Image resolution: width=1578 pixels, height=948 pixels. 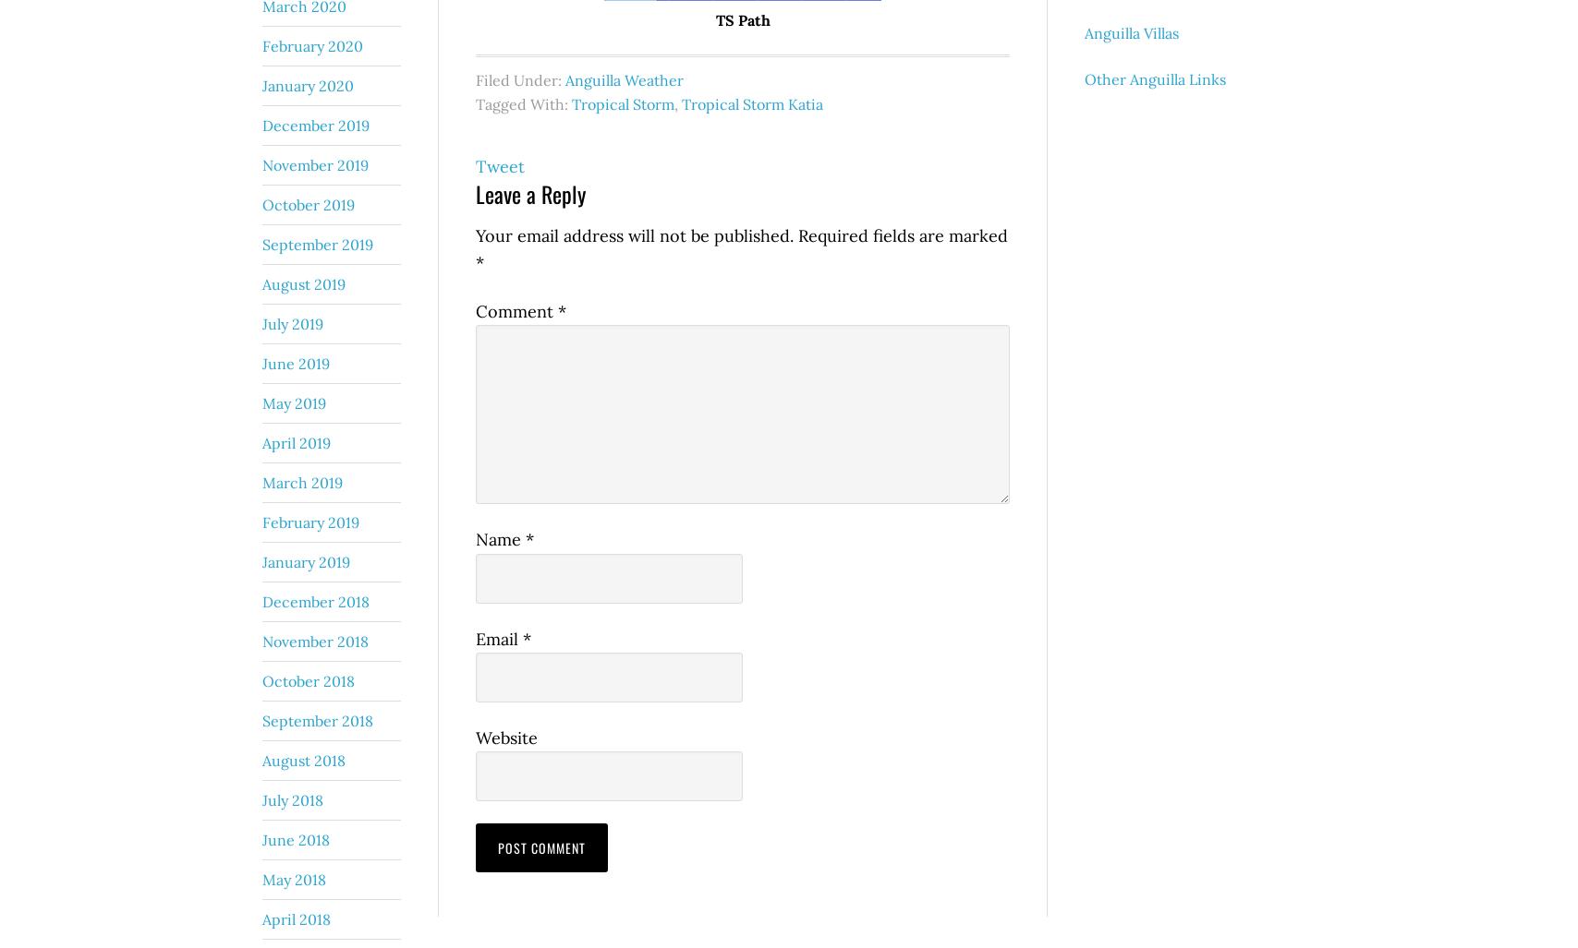 I want to click on 'December 2018', so click(x=262, y=600).